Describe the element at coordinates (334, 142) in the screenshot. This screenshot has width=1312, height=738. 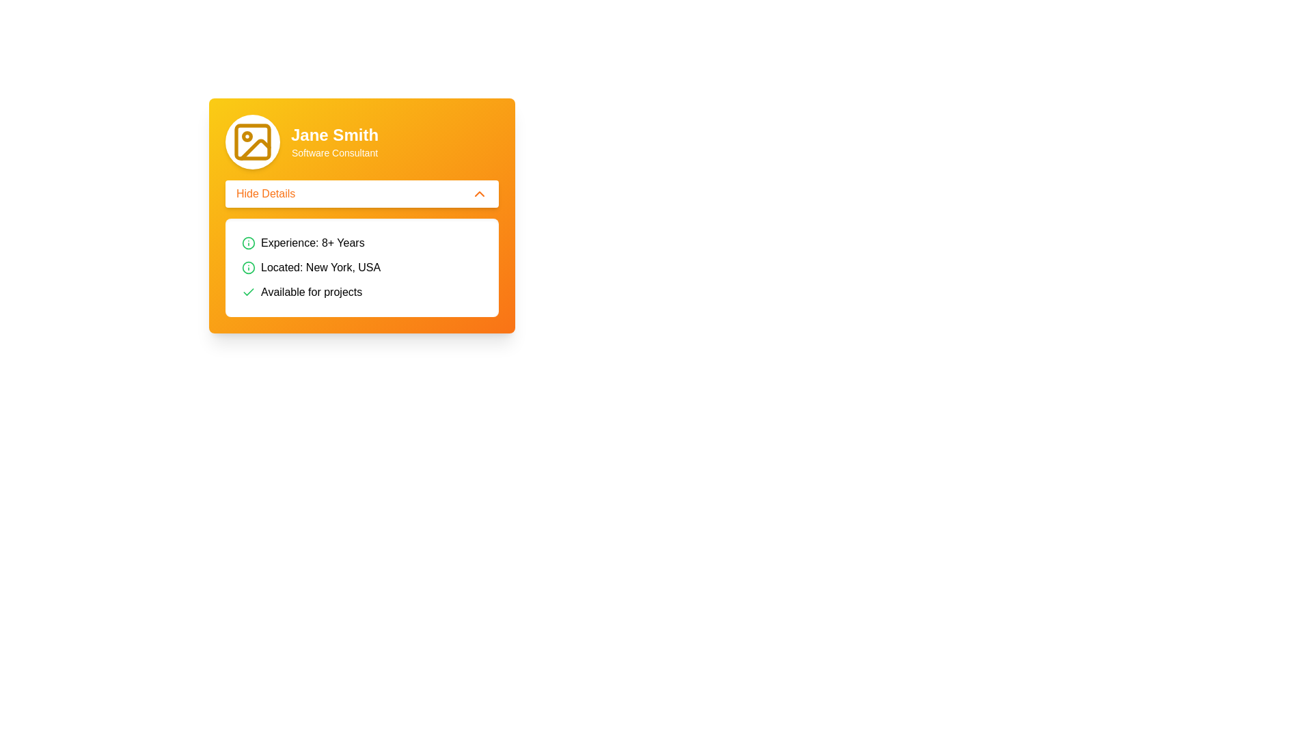
I see `the text block containing the heading 'Jane Smith' and subtext 'Software Consultant', which is located on an orange background next to a circular icon` at that location.